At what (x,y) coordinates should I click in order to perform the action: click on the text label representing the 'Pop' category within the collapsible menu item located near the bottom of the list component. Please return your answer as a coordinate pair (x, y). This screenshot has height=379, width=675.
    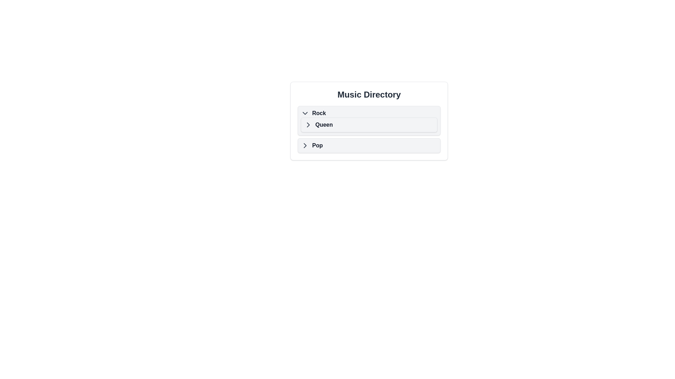
    Looking at the image, I should click on (317, 145).